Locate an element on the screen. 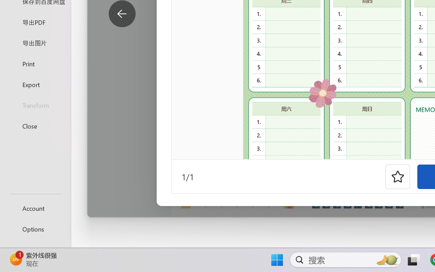 The width and height of the screenshot is (435, 272). 'Export' is located at coordinates (35, 84).